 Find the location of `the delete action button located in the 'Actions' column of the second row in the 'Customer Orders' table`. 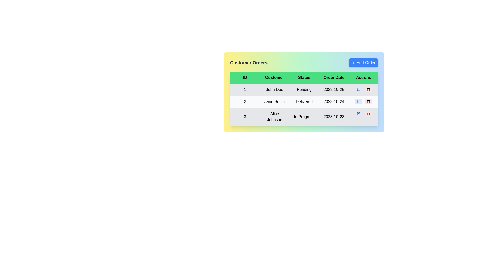

the delete action button located in the 'Actions' column of the second row in the 'Customer Orders' table is located at coordinates (368, 101).